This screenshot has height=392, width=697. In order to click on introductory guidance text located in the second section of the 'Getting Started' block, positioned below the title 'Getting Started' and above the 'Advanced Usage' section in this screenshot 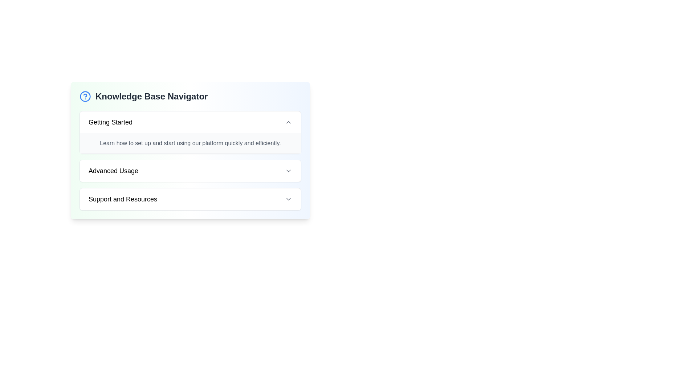, I will do `click(190, 143)`.